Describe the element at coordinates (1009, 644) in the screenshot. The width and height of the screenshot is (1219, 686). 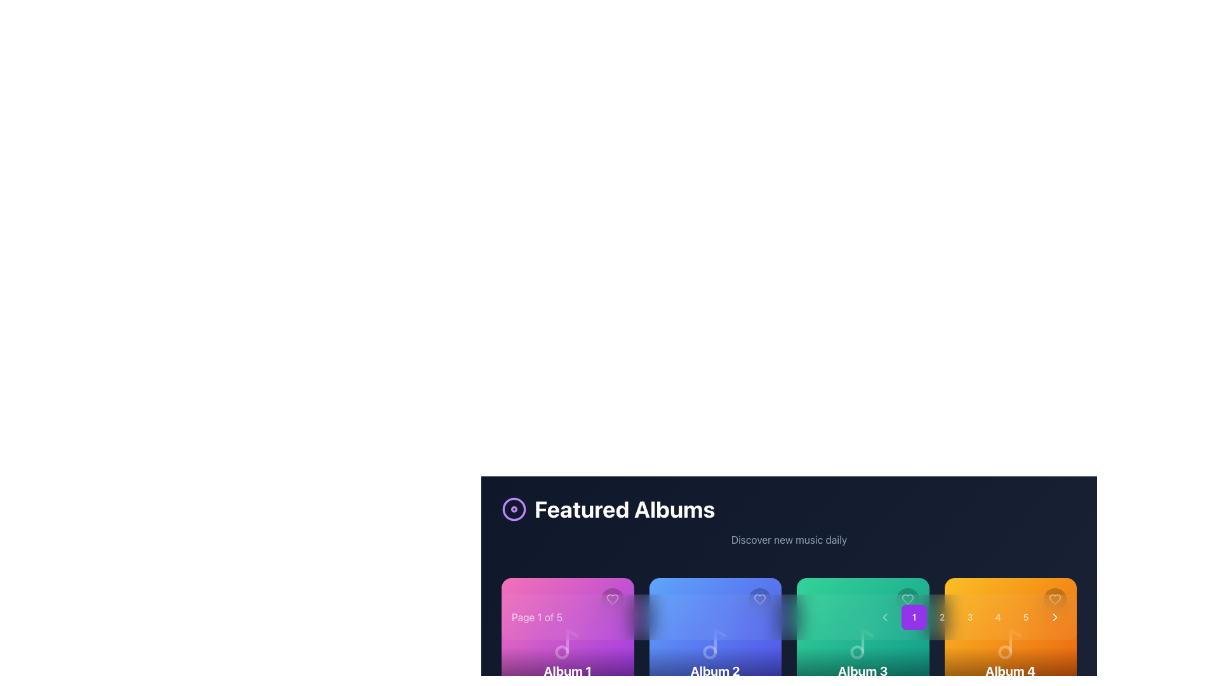
I see `the music album icon representing 'Album 4'` at that location.